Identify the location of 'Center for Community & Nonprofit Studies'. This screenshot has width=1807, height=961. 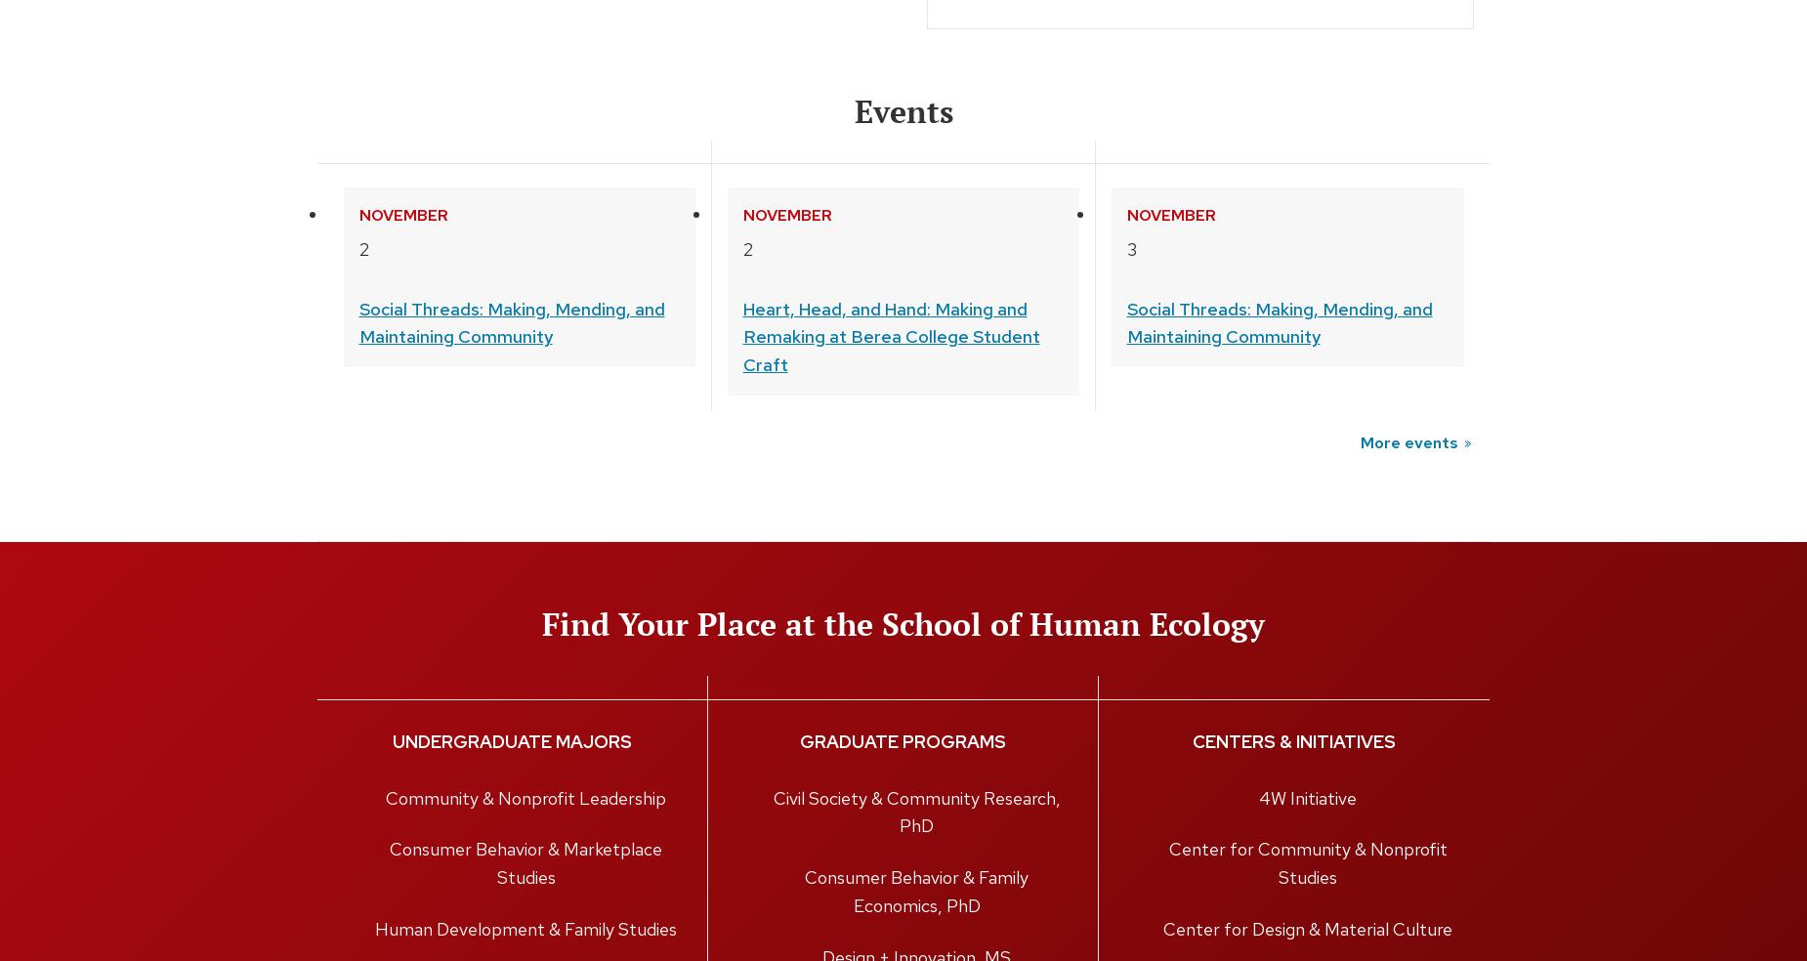
(1306, 863).